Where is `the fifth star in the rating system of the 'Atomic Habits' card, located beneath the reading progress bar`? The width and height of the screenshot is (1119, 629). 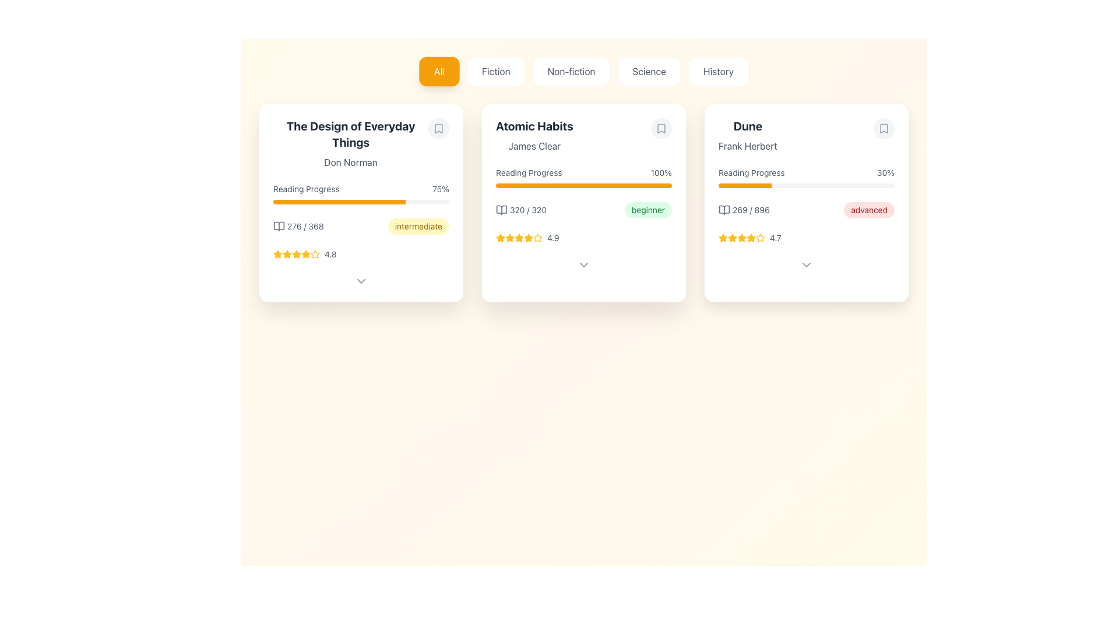
the fifth star in the rating system of the 'Atomic Habits' card, located beneath the reading progress bar is located at coordinates (519, 237).